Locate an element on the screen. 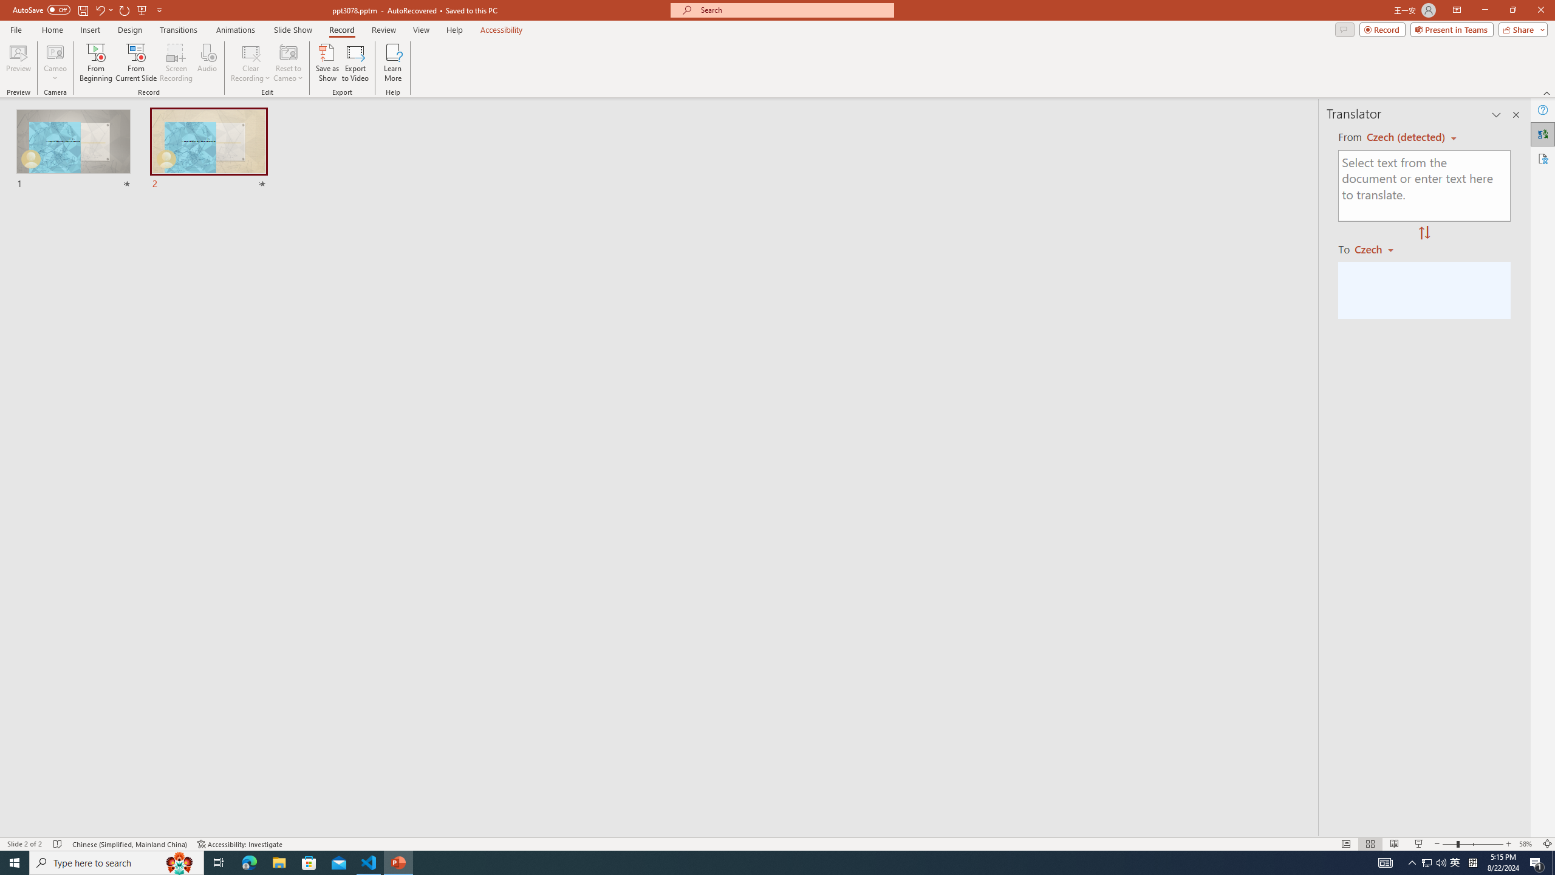 The height and width of the screenshot is (875, 1555). 'Zoom 58%' is located at coordinates (1528, 844).